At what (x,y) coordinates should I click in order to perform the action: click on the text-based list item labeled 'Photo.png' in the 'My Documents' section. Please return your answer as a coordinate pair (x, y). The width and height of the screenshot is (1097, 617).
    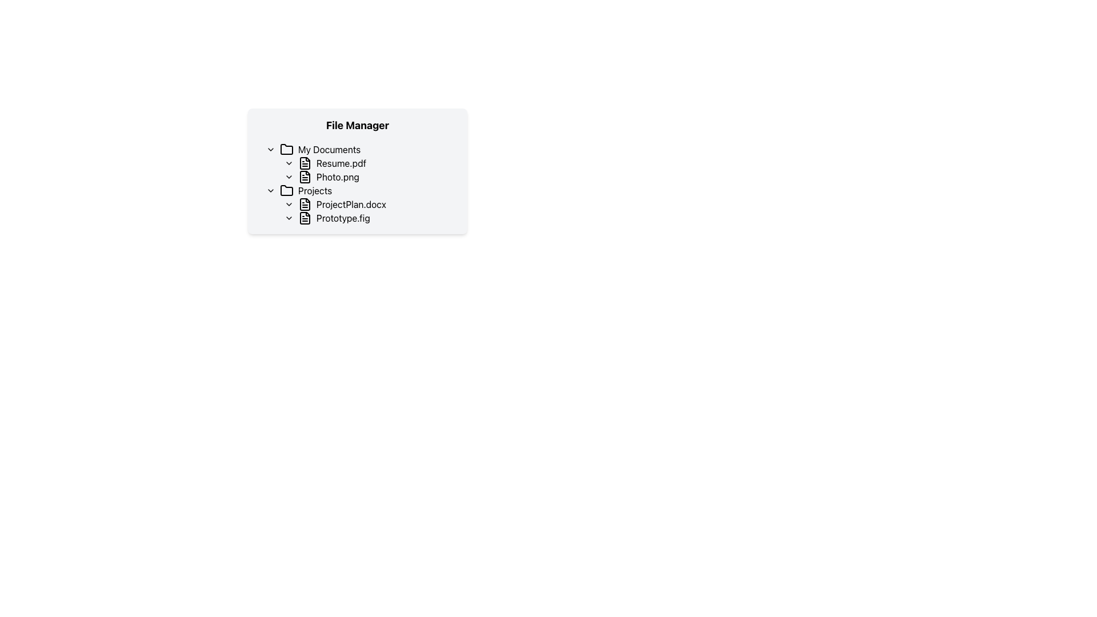
    Looking at the image, I should click on (357, 171).